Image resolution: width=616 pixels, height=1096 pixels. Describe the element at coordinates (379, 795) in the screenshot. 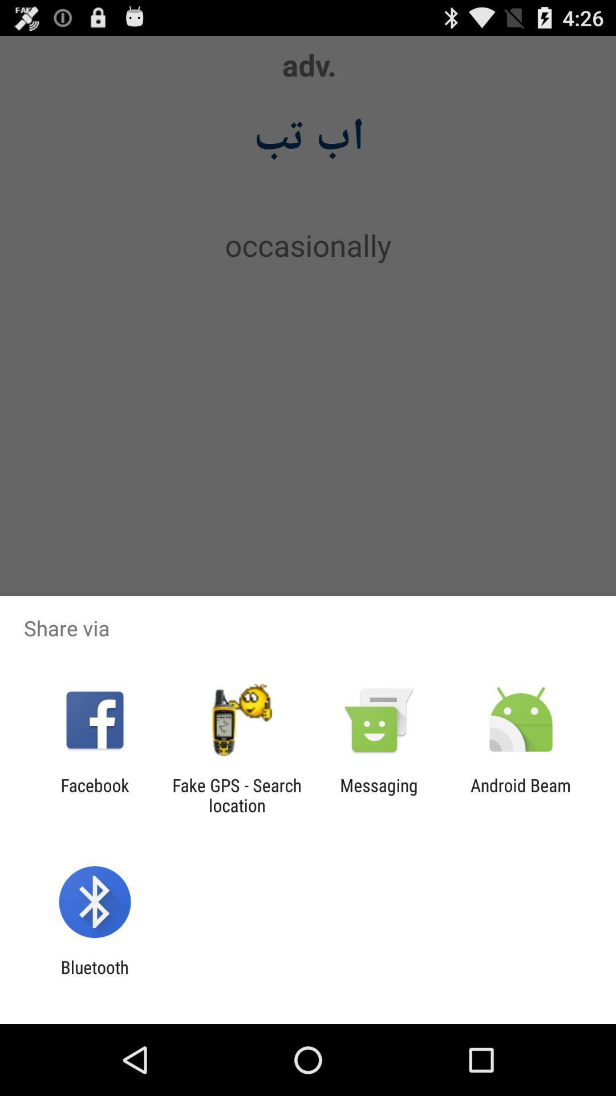

I see `app to the right of the fake gps search` at that location.